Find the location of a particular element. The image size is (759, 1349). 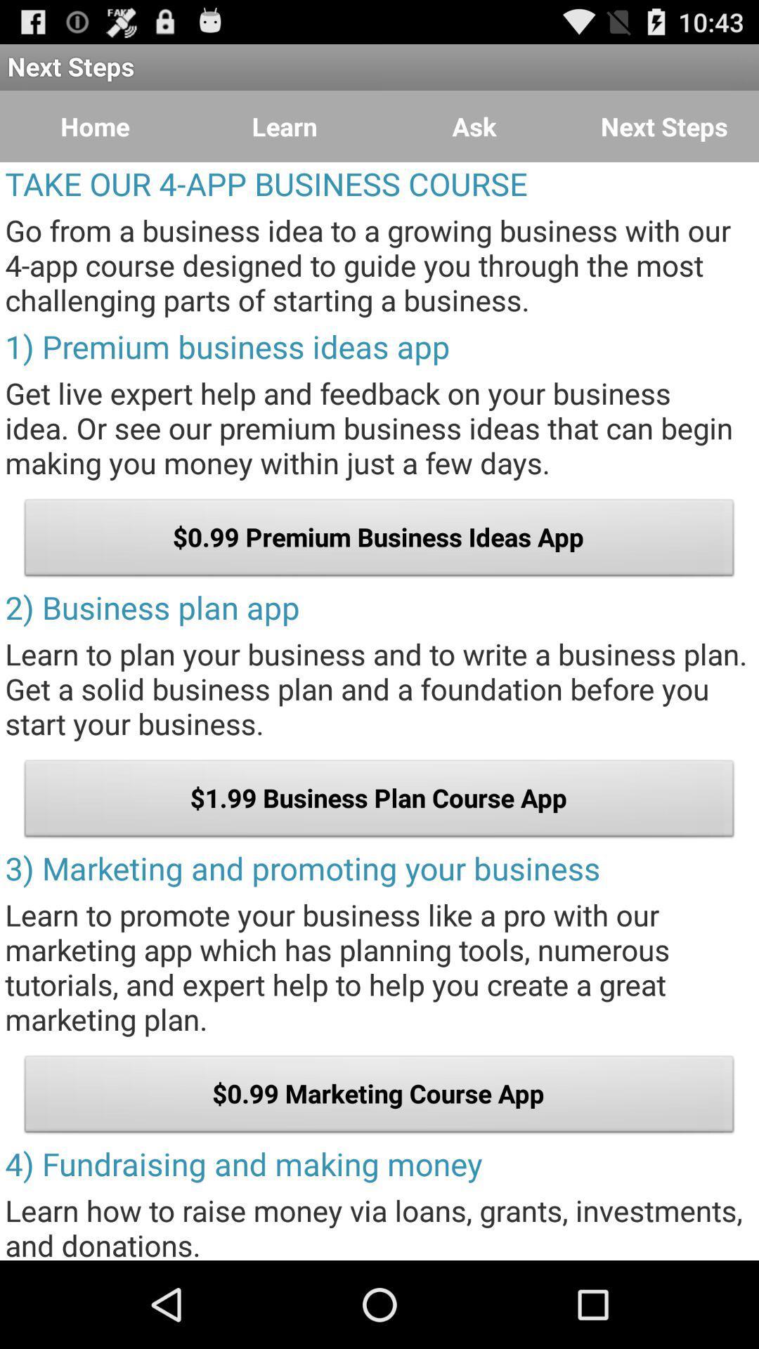

item next to learn is located at coordinates (474, 126).